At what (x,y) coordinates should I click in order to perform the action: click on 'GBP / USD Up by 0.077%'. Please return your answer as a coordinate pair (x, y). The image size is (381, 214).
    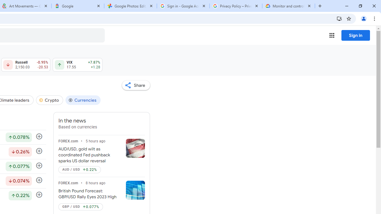
    Looking at the image, I should click on (80, 206).